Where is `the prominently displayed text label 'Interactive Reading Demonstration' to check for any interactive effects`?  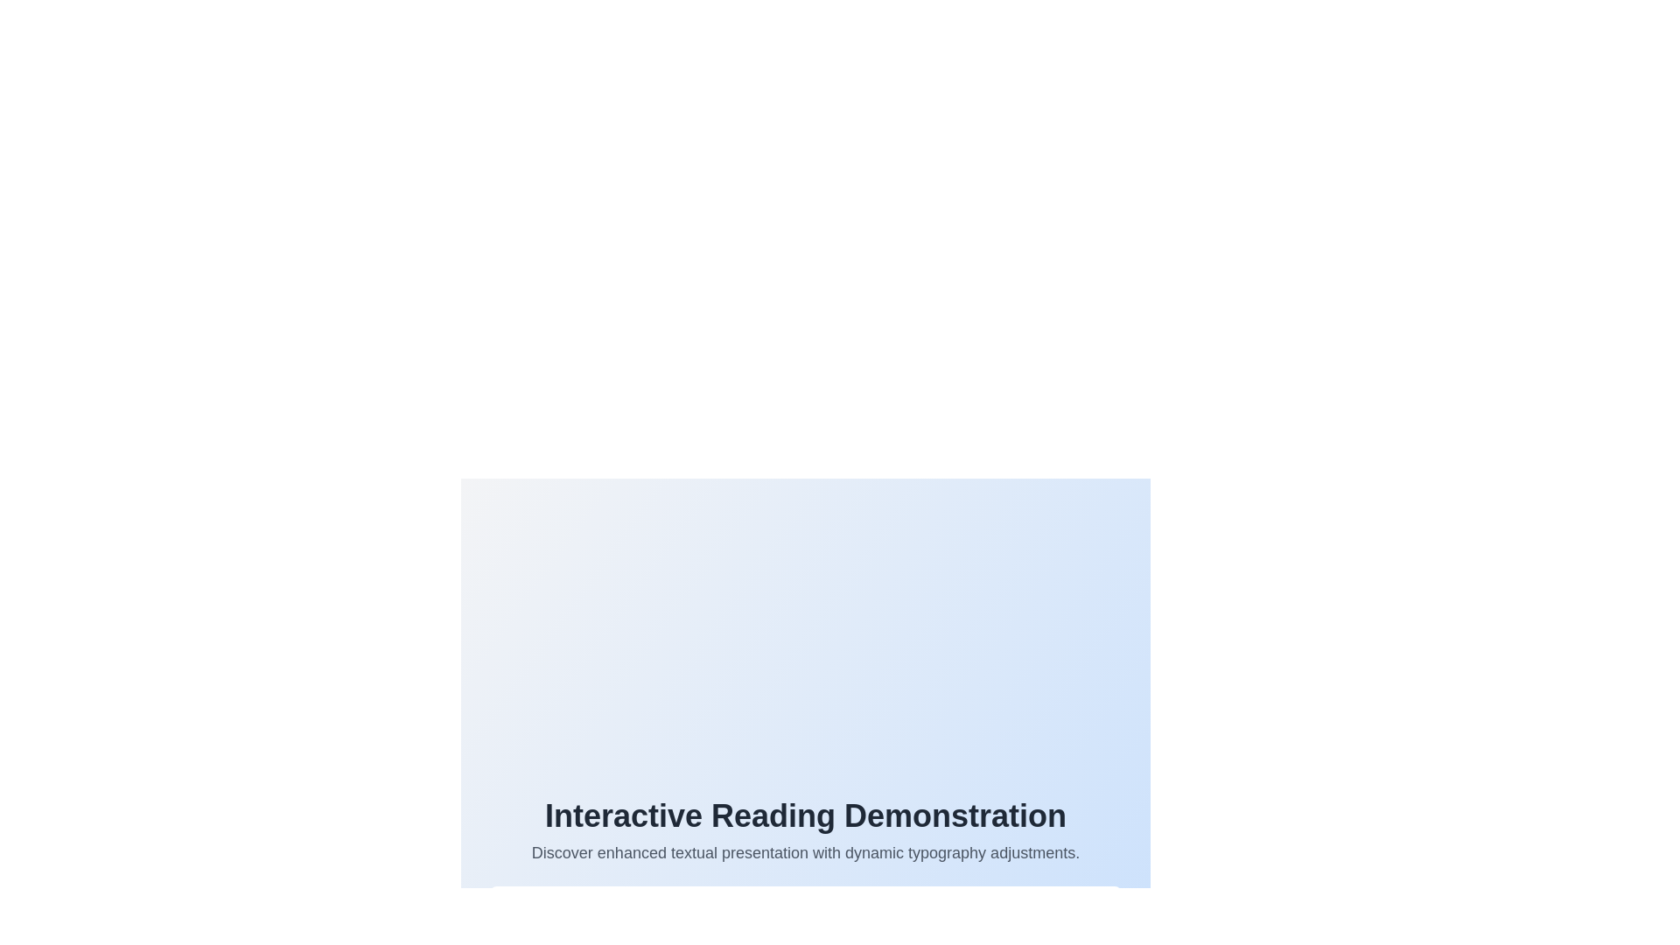
the prominently displayed text label 'Interactive Reading Demonstration' to check for any interactive effects is located at coordinates (805, 816).